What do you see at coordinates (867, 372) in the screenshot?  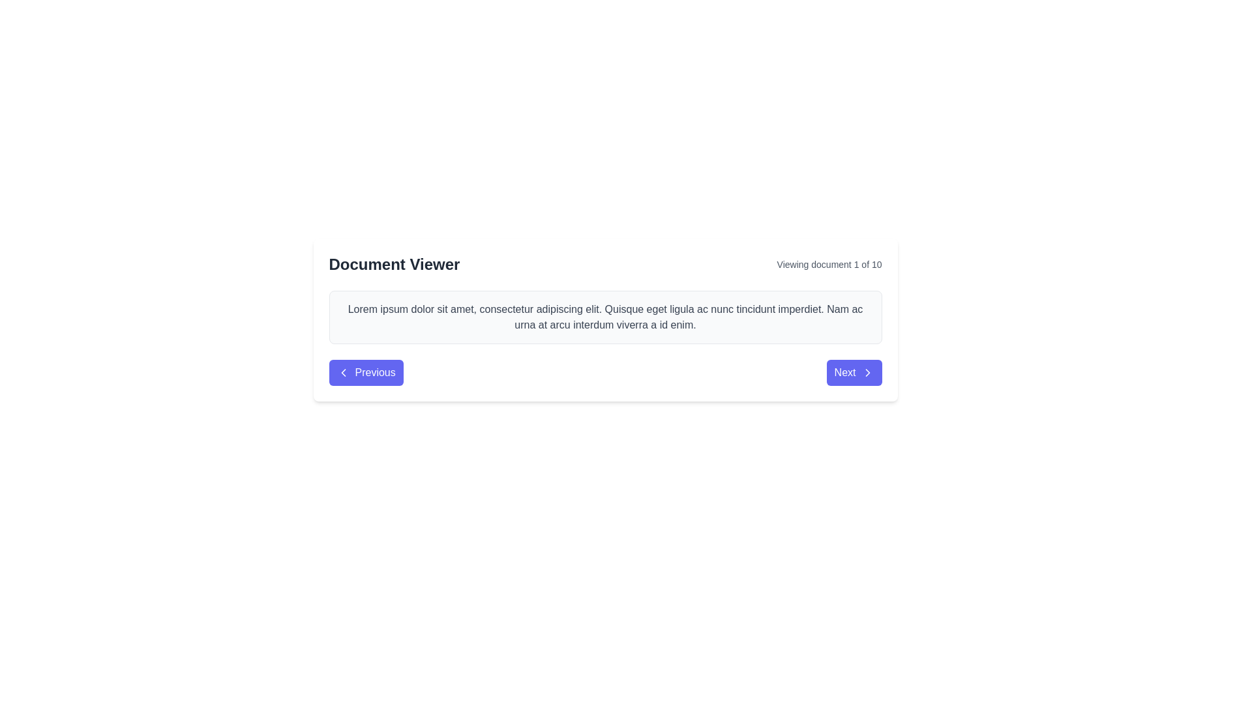 I see `the chevron icon located within the 'Next' button in the lower-right area of the interface to proceed to the next page or action` at bounding box center [867, 372].